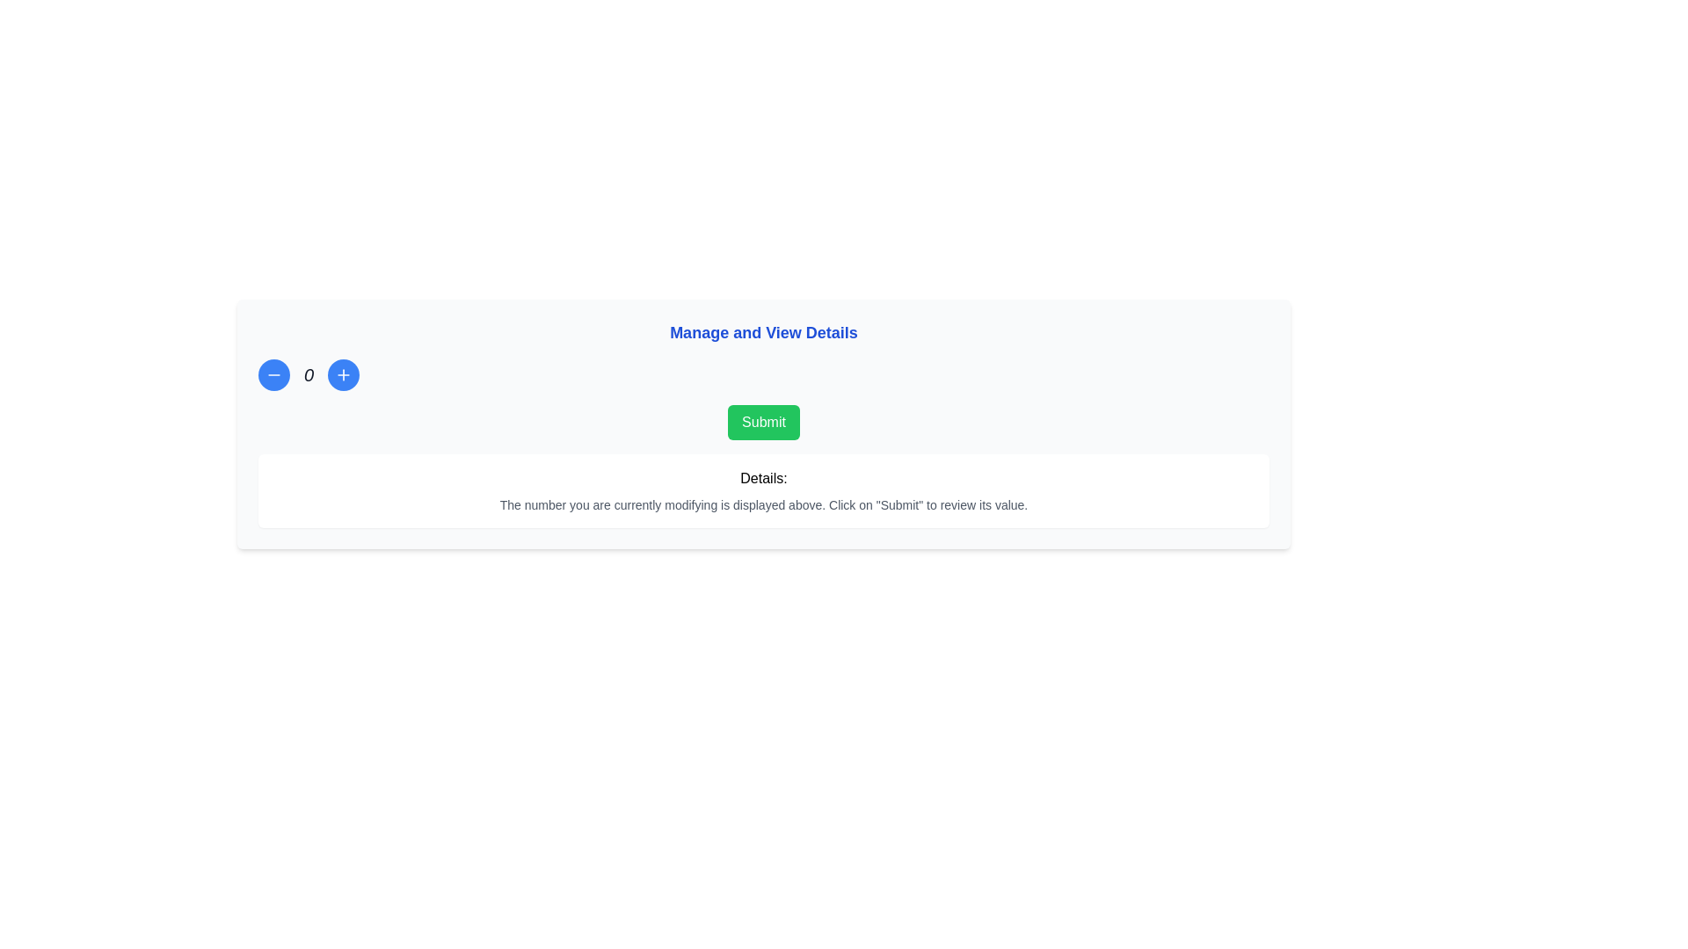 This screenshot has height=949, width=1688. What do you see at coordinates (273, 374) in the screenshot?
I see `the first interactive circular decrement button located to the left of the numeric value '0' to decrement the associated value by one` at bounding box center [273, 374].